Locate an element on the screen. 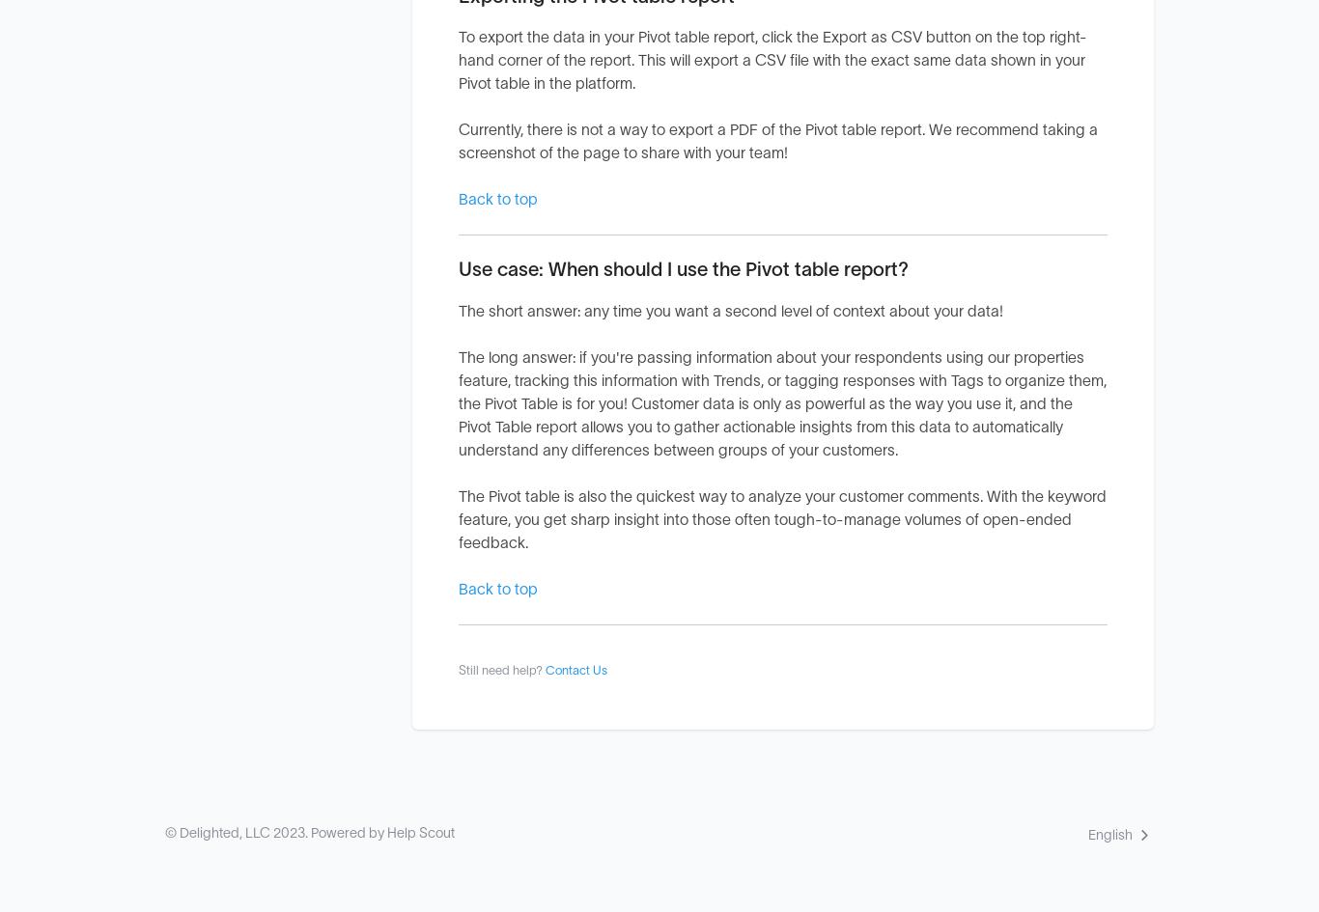 The image size is (1319, 912). 'To export the data in your Pivot table report, click the Export as CSV button on the top right-hand corner of the report. This will export a CSV file with the exact same data shown in your Pivot table in the platform.' is located at coordinates (772, 61).